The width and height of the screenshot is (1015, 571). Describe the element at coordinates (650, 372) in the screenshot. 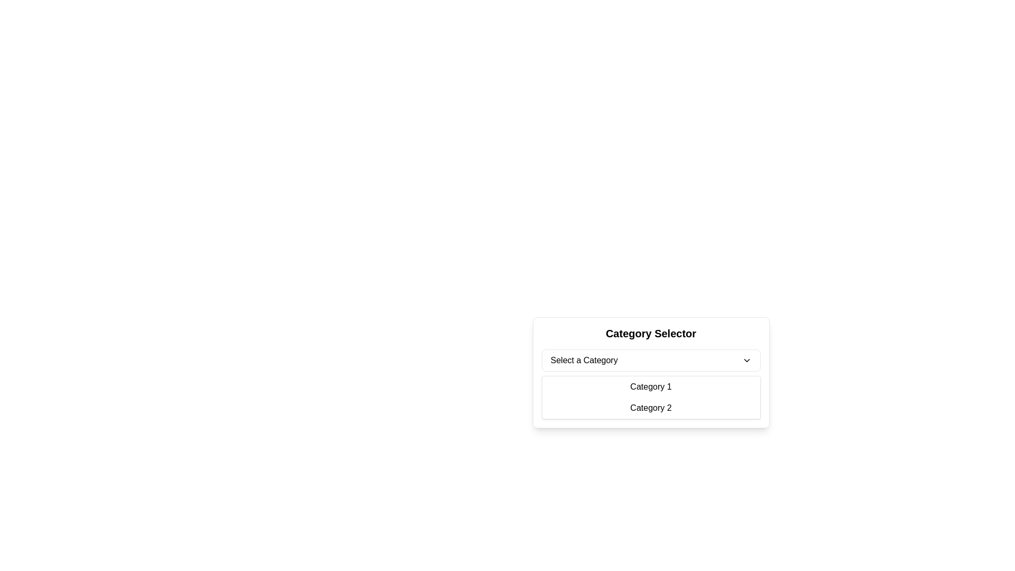

I see `the dropdown menu labeled 'Select a Category'` at that location.